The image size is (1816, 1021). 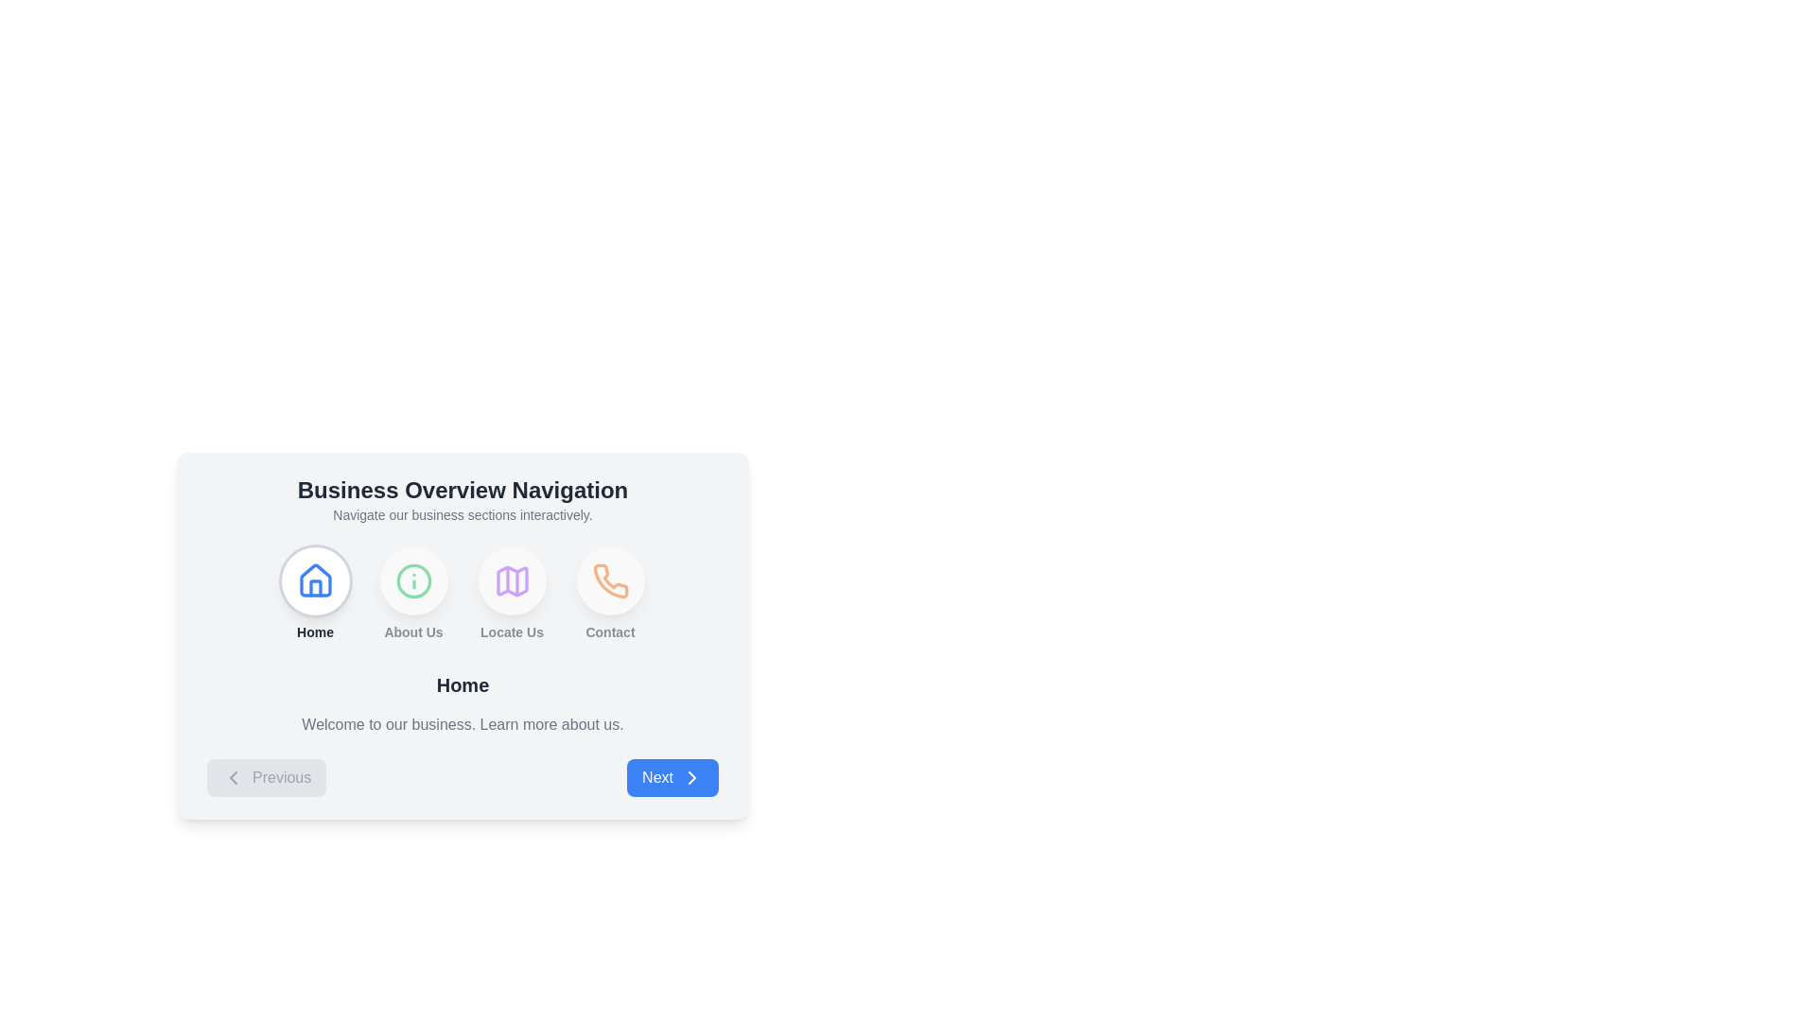 I want to click on the leftmost circular icon button with a house symbol and a blue outline, so click(x=315, y=580).